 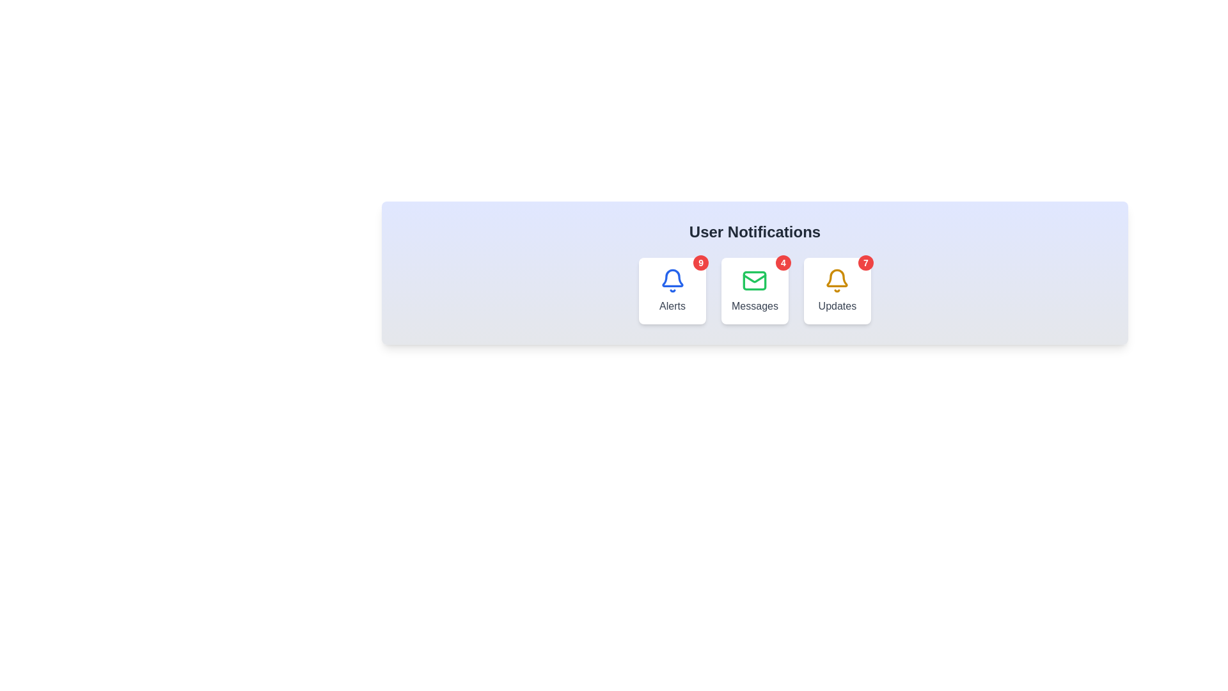 I want to click on the bold, large-sized 'User Notifications' text label styled with dark gray color, prominently placed on a light gradient background above the notification cards, so click(x=755, y=232).